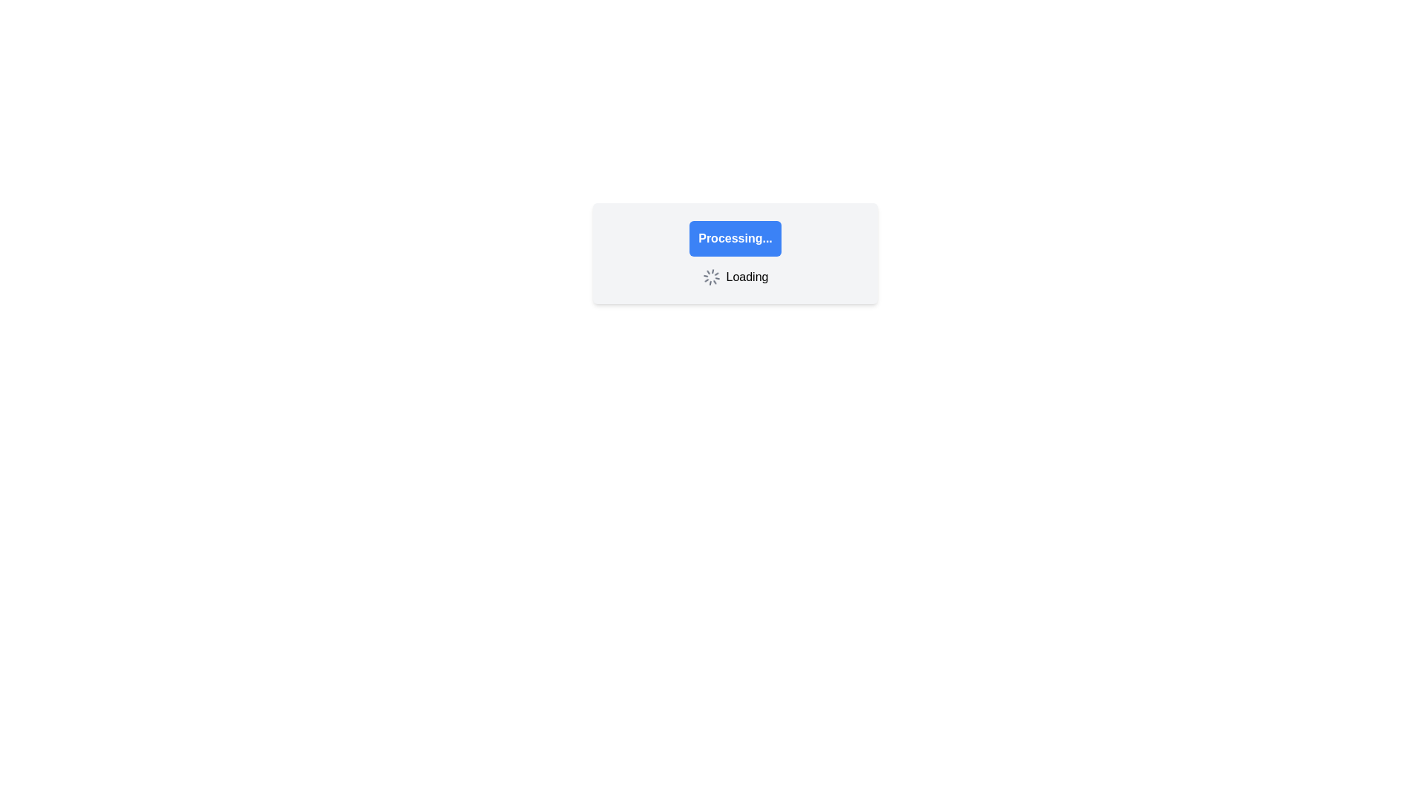 The height and width of the screenshot is (801, 1425). I want to click on the Loader Icon, which serves as a visual loading indicator located to the left of the 'Loading' text, indicating that a process is ongoing, so click(710, 277).